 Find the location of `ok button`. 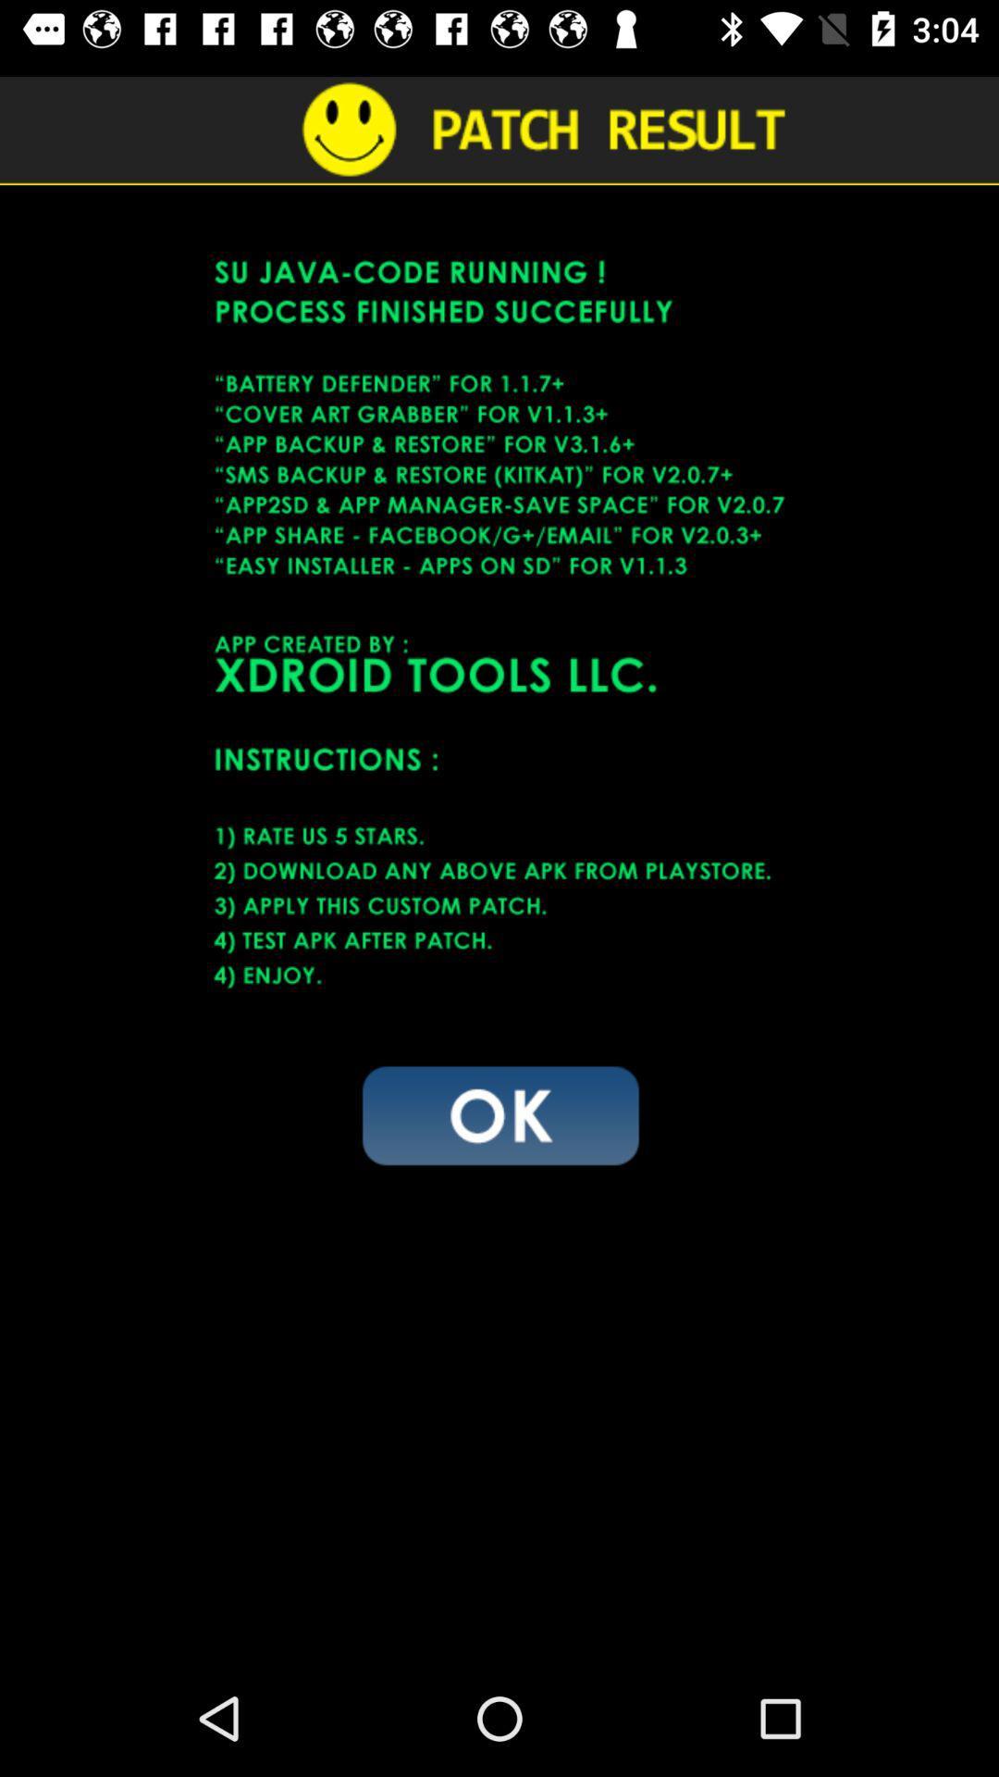

ok button is located at coordinates (499, 1113).